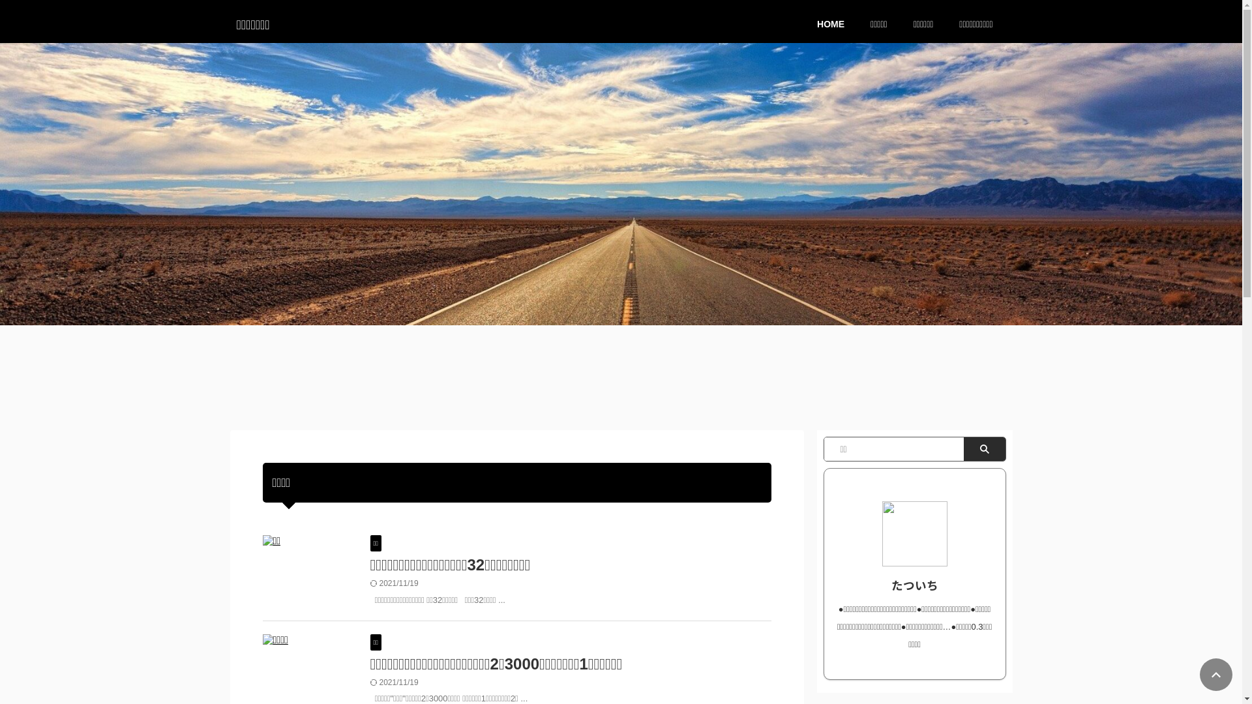 The width and height of the screenshot is (1252, 704). I want to click on 'HOME', so click(829, 23).